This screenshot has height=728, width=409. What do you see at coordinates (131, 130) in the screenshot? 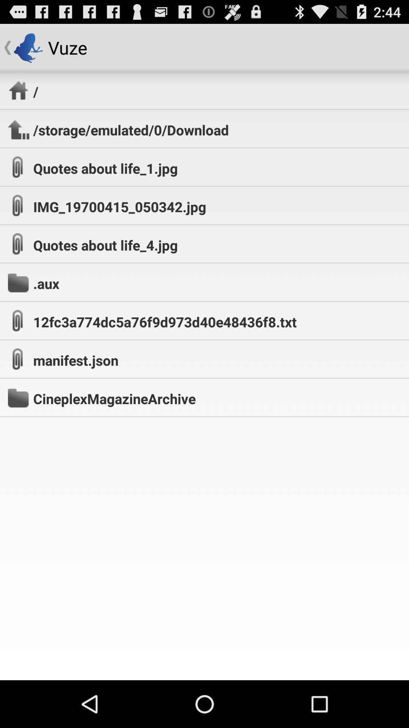
I see `storage emulated 0` at bounding box center [131, 130].